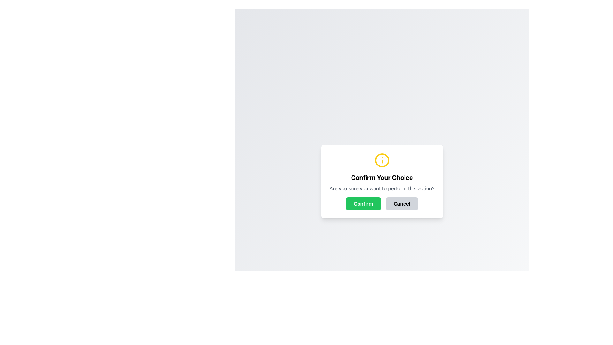 Image resolution: width=613 pixels, height=345 pixels. Describe the element at coordinates (382, 160) in the screenshot. I see `the yellow circular SVG icon that is part of the information icon located at the top center of the confirmation dialog` at that location.